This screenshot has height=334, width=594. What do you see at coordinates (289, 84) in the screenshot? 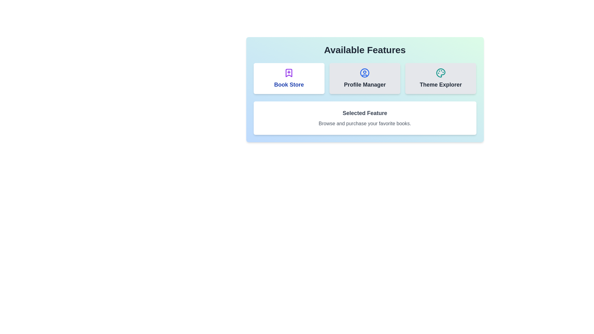
I see `text of the label located below the bookmark icon in the 'Available Features' section, which describes the feature for browsing and purchasing books` at bounding box center [289, 84].